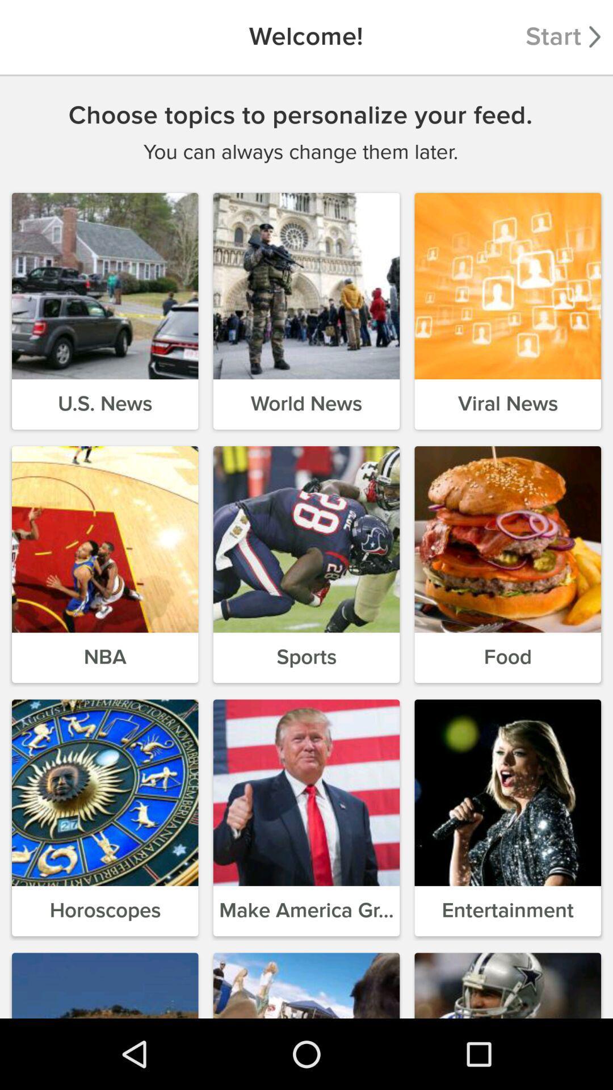  Describe the element at coordinates (306, 792) in the screenshot. I see `the eight image` at that location.